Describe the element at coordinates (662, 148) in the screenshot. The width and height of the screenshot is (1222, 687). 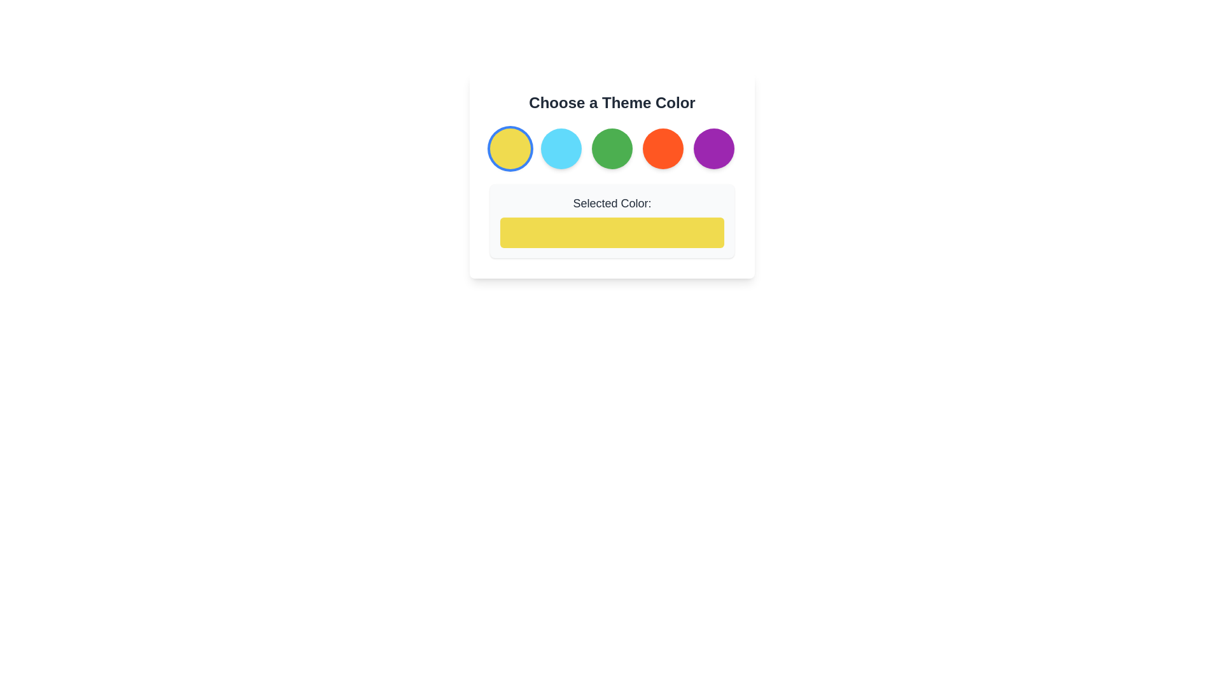
I see `the bright orange circular button` at that location.